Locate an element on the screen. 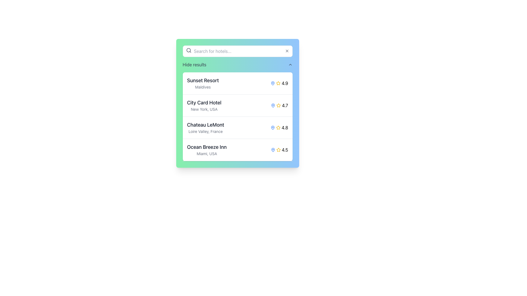 The width and height of the screenshot is (527, 296). the text label 'Ocean Breeze Inn', which is the first line of text in the fourth hotel option in a list of results is located at coordinates (206, 147).